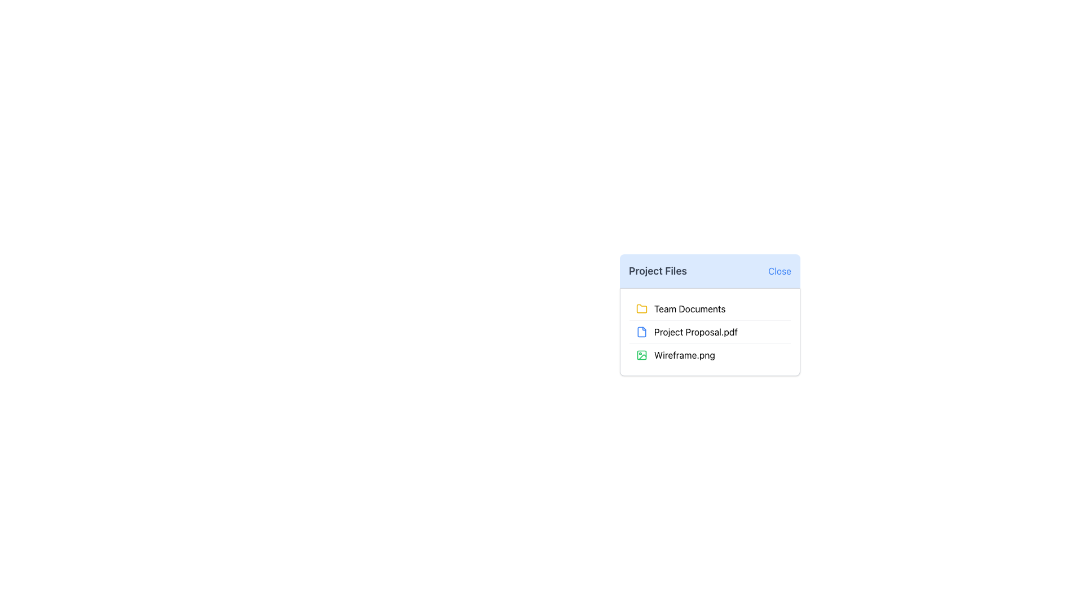  What do you see at coordinates (709, 330) in the screenshot?
I see `the list item labeled 'Project Proposal.pdf'` at bounding box center [709, 330].